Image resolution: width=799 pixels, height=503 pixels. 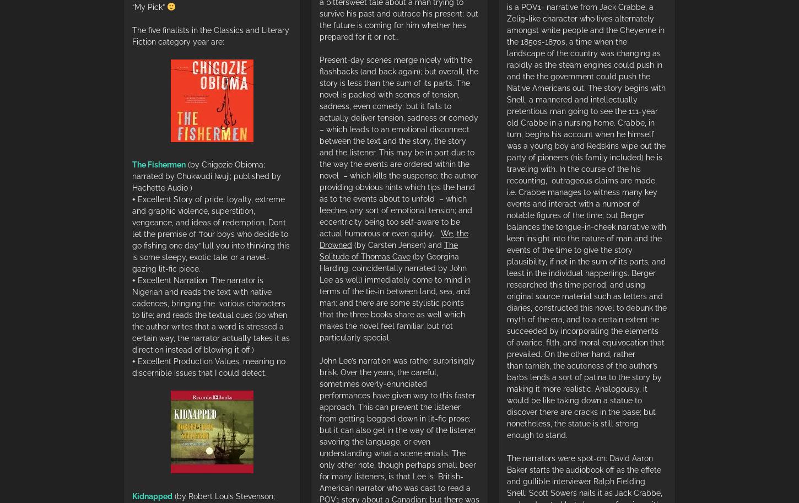 I want to click on 'Excellent Story of pride, loyalty, extreme and graphic violence, superstition, vengeance, and ideas of redemption. Don’t let the premise of “four boys who decide to go fishing one day” lull you into thinking this is some sleepy, exotic tale; or a navel-gazing lit-fic piece.', so click(x=131, y=234).